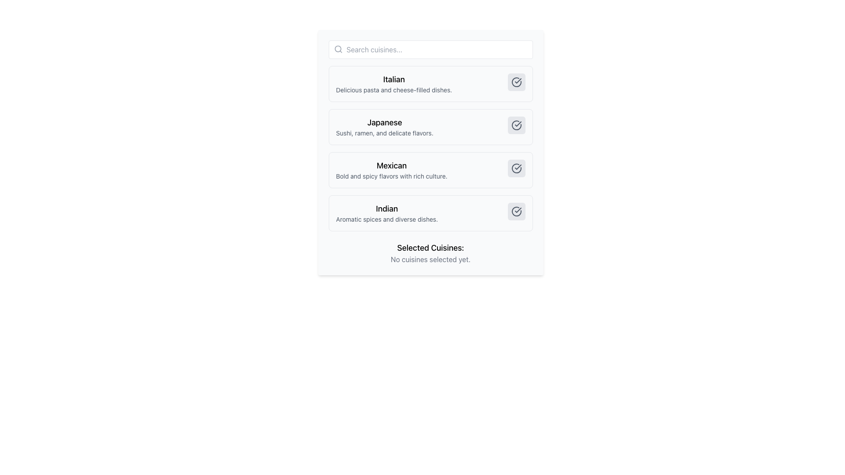 The width and height of the screenshot is (845, 475). Describe the element at coordinates (393, 90) in the screenshot. I see `label text that describes the dishes, which says 'Delicious pasta and cheese-filled dishes', located under the title 'Italian' in the selection box` at that location.